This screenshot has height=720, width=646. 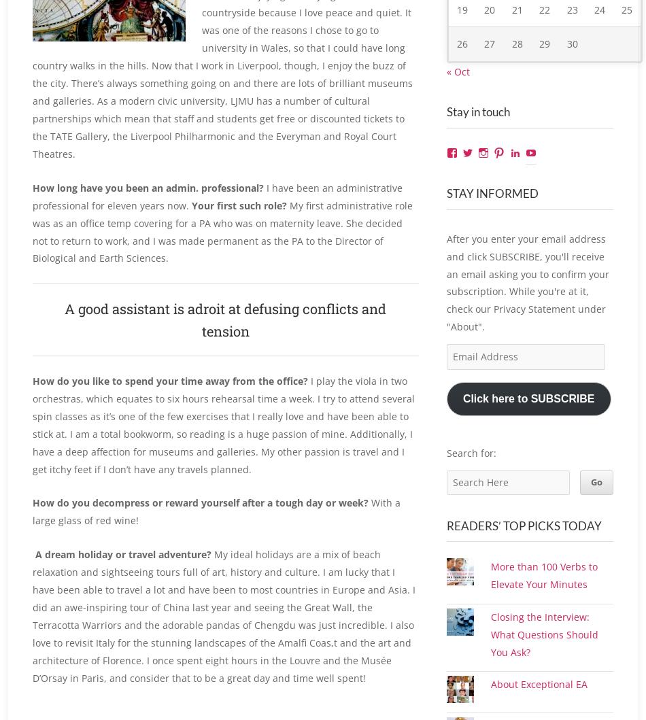 What do you see at coordinates (490, 664) in the screenshot?
I see `'Closing the Interview: What Questions Should You Ask?'` at bounding box center [490, 664].